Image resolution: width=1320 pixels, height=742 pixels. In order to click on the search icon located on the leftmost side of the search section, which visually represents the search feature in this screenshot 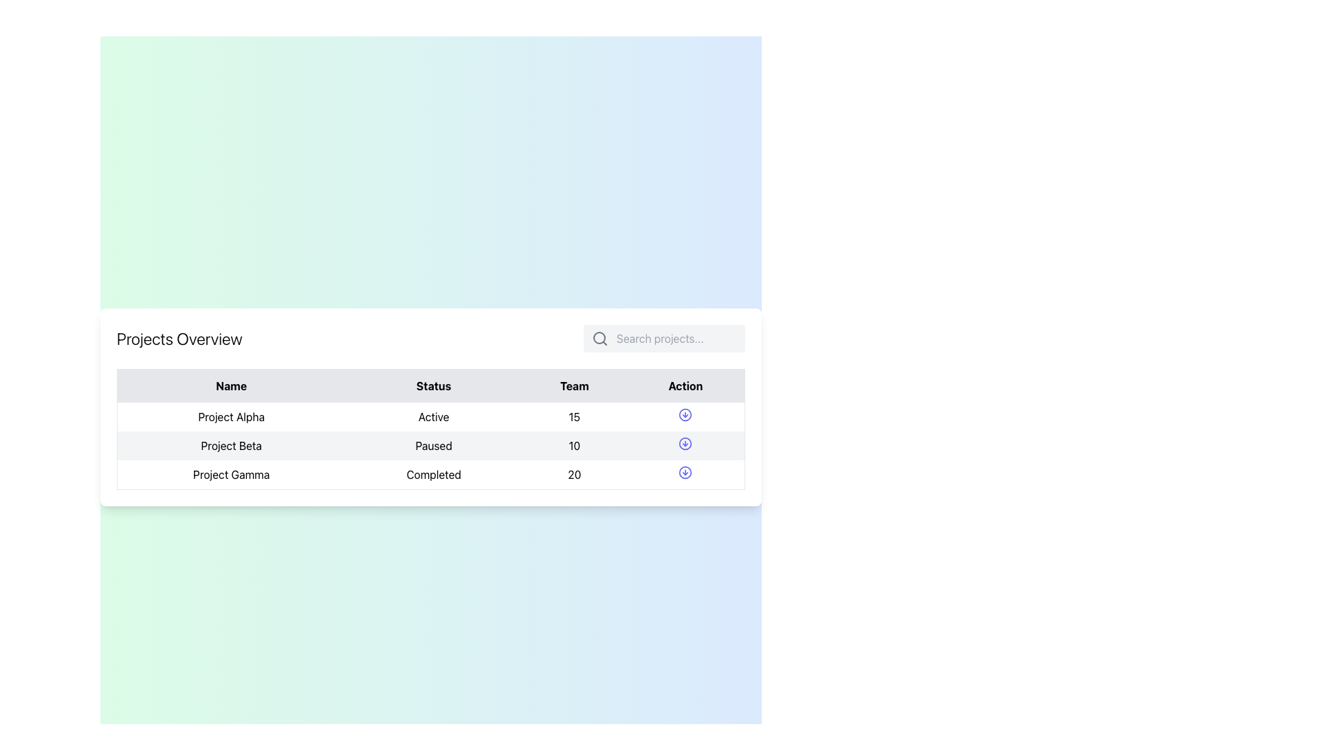, I will do `click(600, 339)`.